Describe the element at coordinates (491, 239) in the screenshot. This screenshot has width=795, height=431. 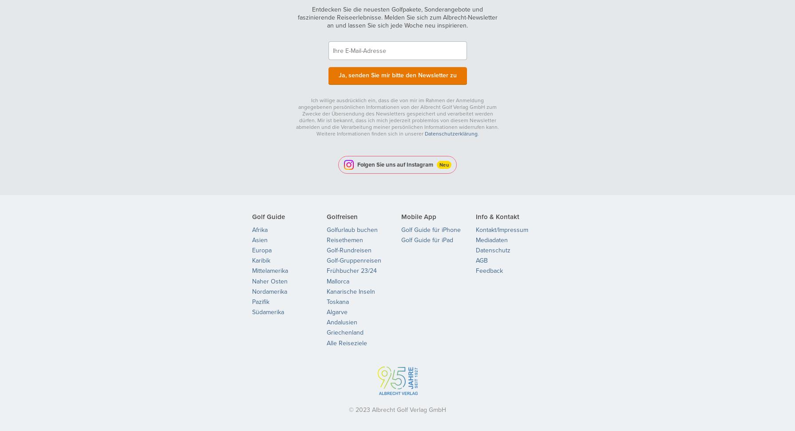
I see `'Mediadaten'` at that location.